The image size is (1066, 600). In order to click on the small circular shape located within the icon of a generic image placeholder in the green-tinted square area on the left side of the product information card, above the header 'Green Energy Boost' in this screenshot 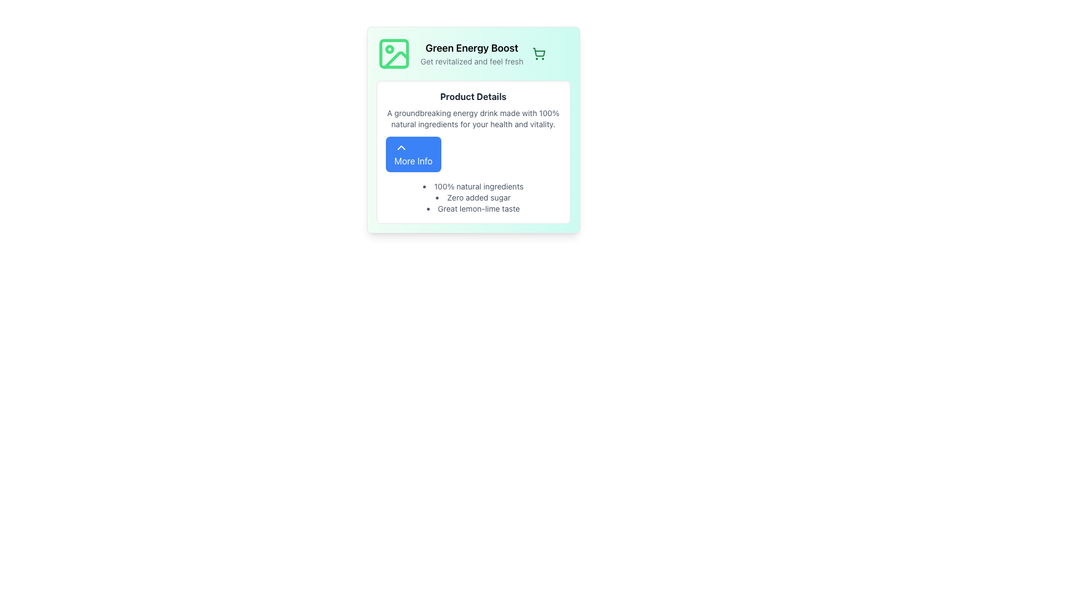, I will do `click(389, 48)`.